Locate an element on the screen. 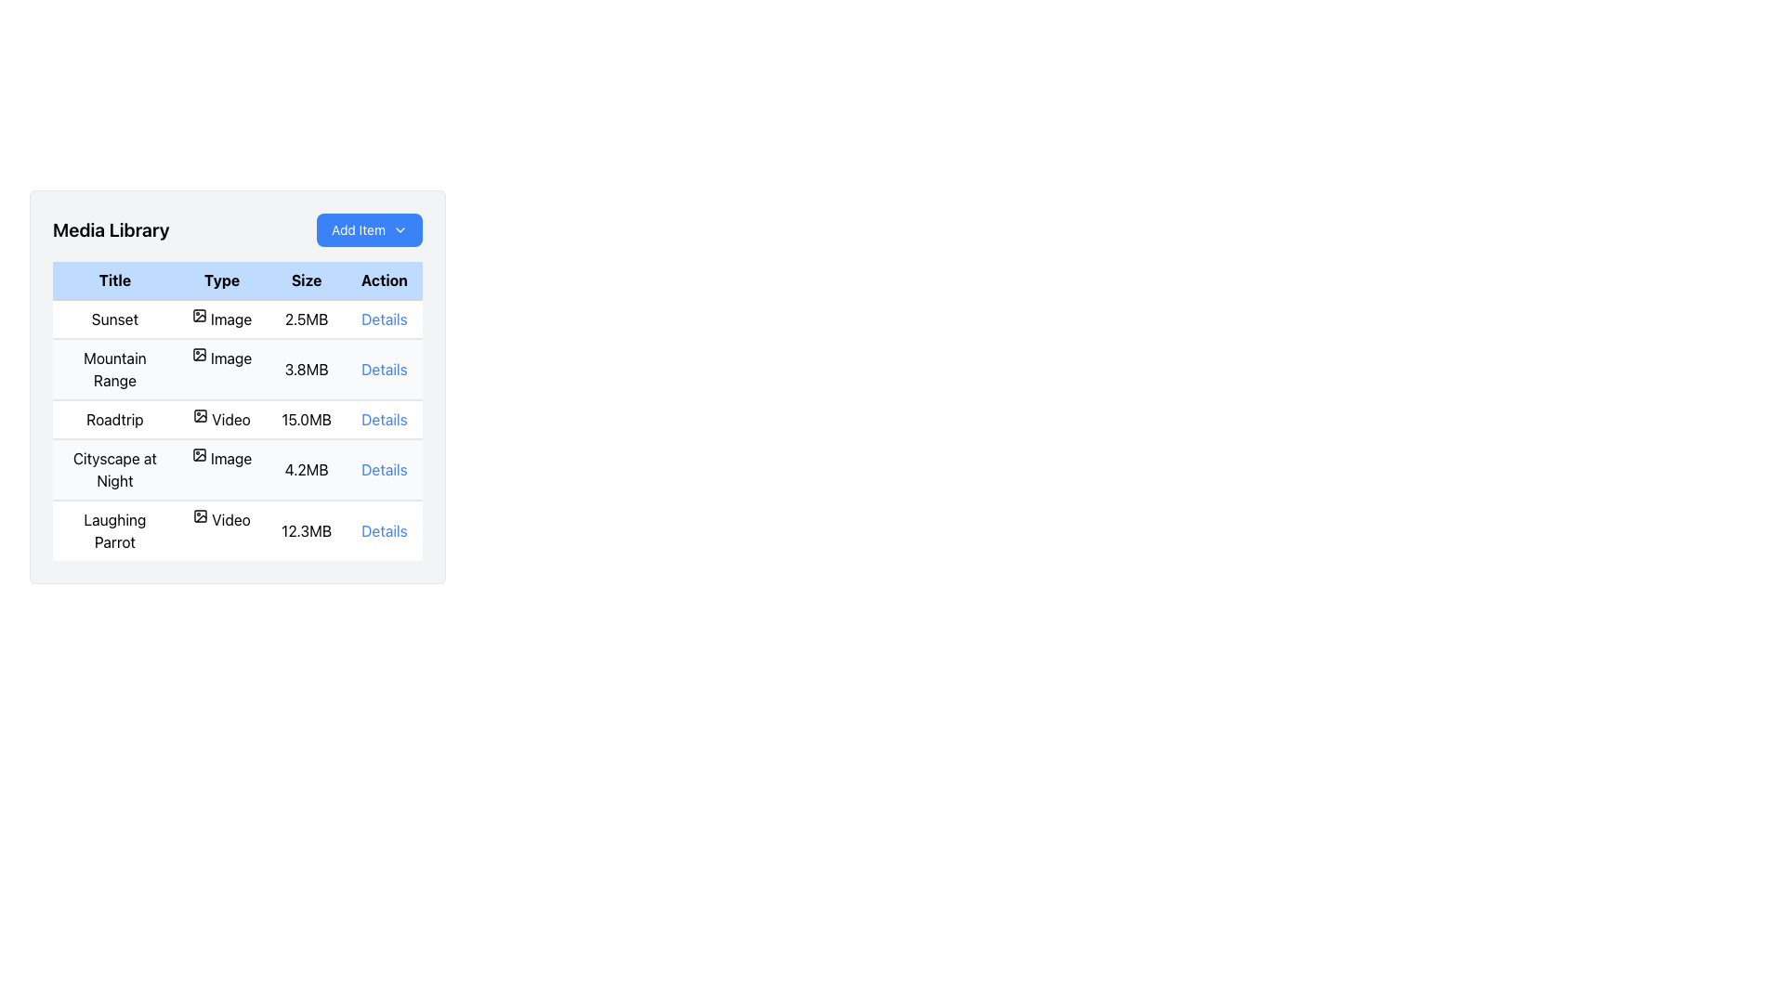 The height and width of the screenshot is (1003, 1784). the Text label with the word 'Image' and picture frame icon, located in the row for 'Cityscape at Night' under the 'Type' column is located at coordinates (222, 458).